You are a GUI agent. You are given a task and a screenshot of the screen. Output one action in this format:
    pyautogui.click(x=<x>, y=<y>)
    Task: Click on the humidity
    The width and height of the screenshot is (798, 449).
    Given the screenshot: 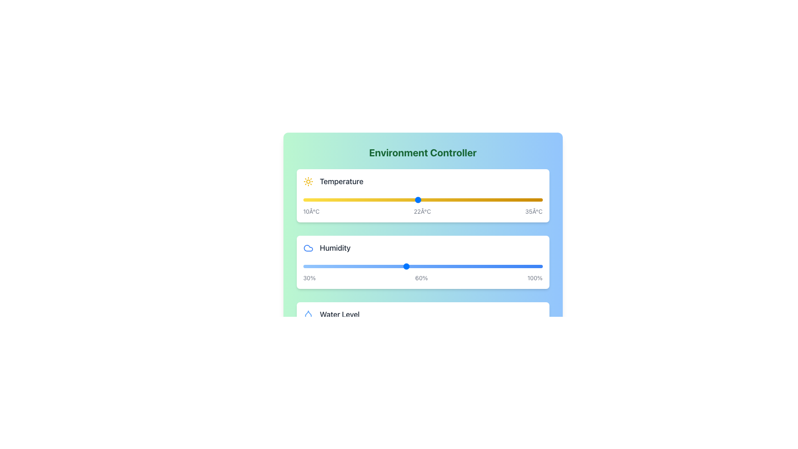 What is the action you would take?
    pyautogui.click(x=361, y=266)
    